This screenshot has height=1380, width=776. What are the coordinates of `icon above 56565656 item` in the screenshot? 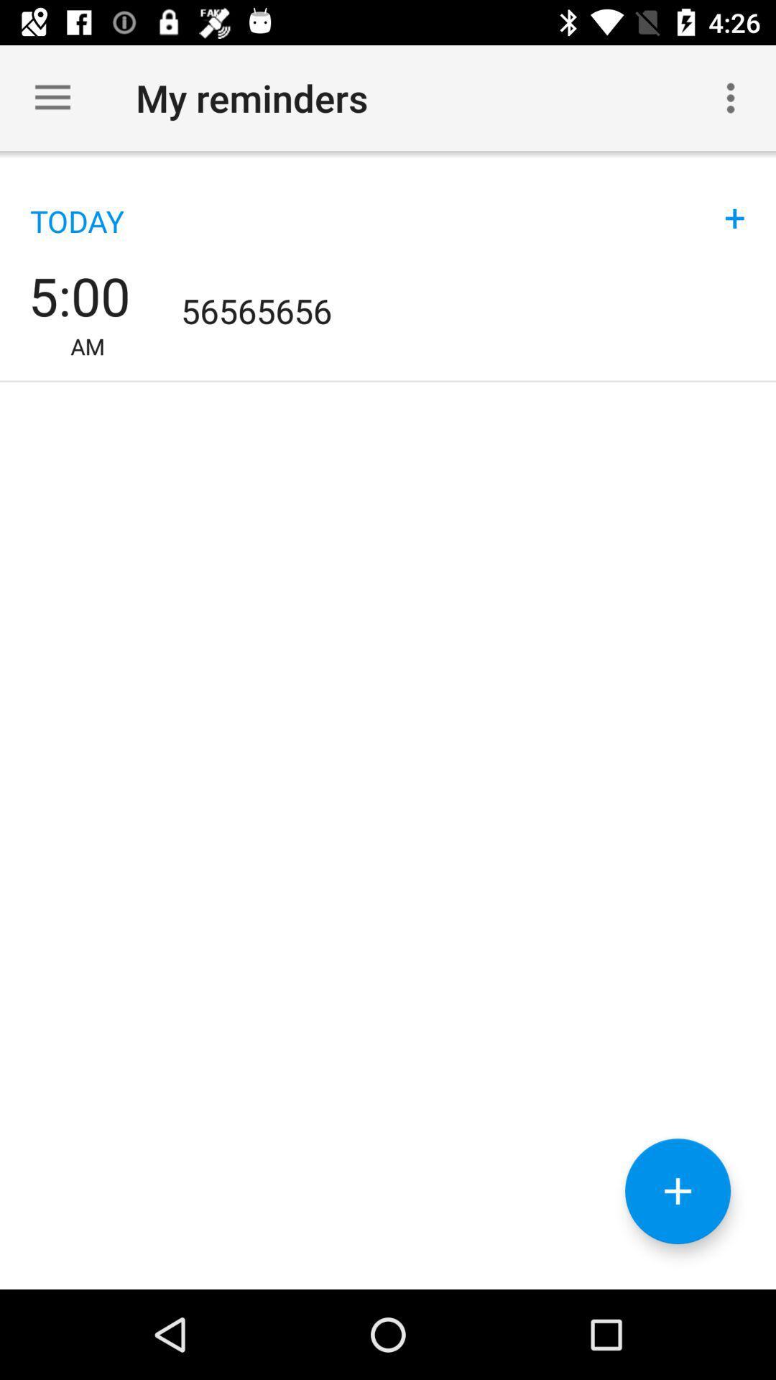 It's located at (734, 203).